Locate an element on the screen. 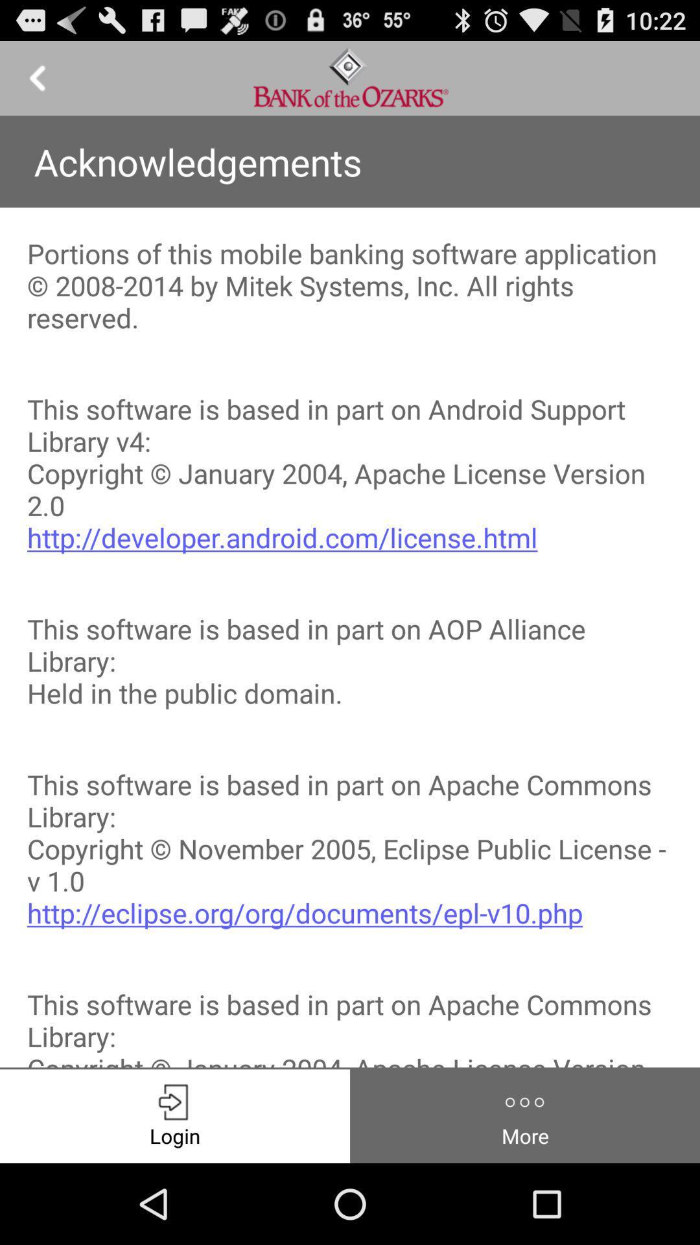 This screenshot has width=700, height=1245. go back is located at coordinates (36, 77).